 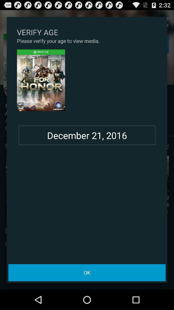 I want to click on item at the bottom, so click(x=87, y=272).